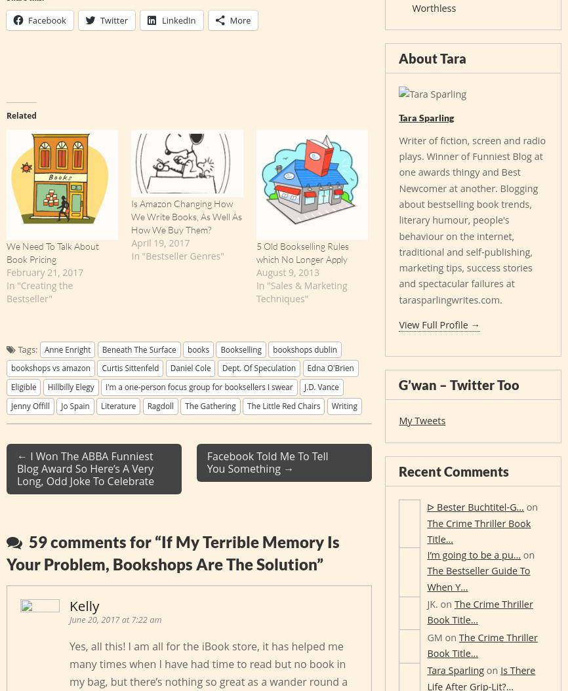  Describe the element at coordinates (283, 404) in the screenshot. I see `'The Little Red Chairs'` at that location.